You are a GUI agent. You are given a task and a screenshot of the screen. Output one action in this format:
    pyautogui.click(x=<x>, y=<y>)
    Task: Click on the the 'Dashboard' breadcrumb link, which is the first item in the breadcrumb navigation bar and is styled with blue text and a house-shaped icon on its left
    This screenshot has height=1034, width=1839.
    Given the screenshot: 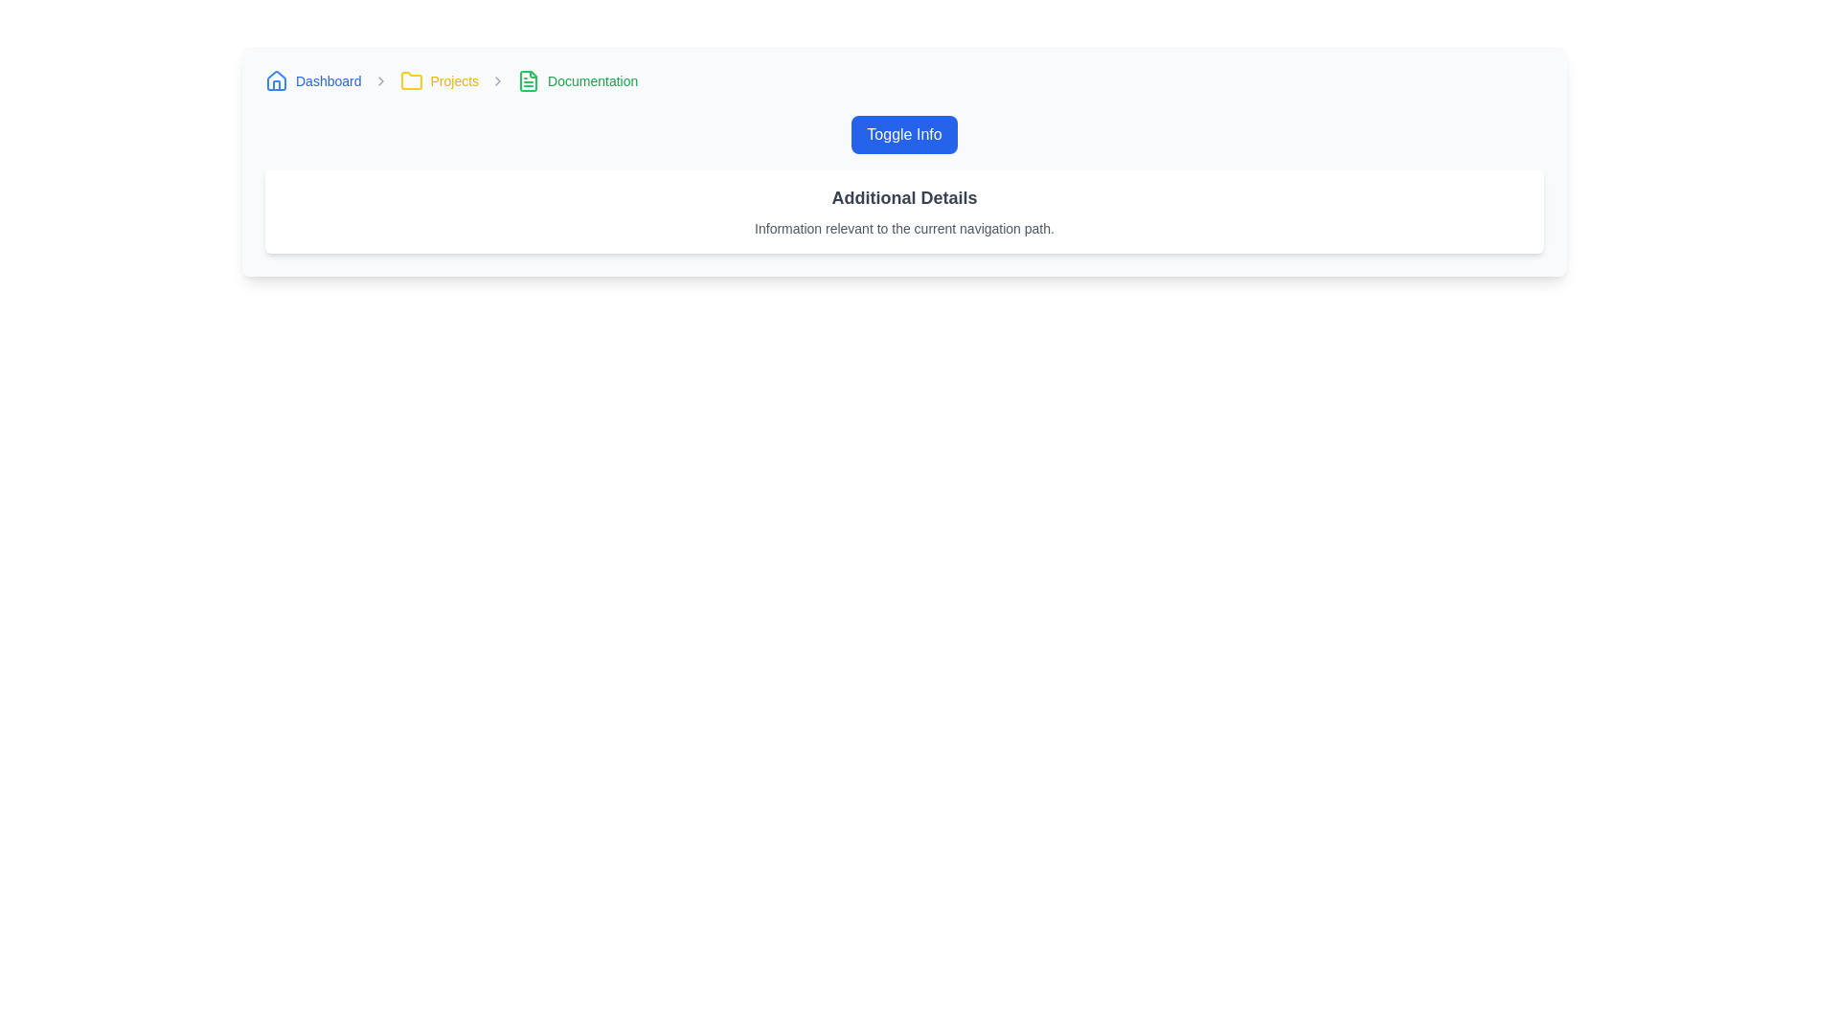 What is the action you would take?
    pyautogui.click(x=313, y=79)
    